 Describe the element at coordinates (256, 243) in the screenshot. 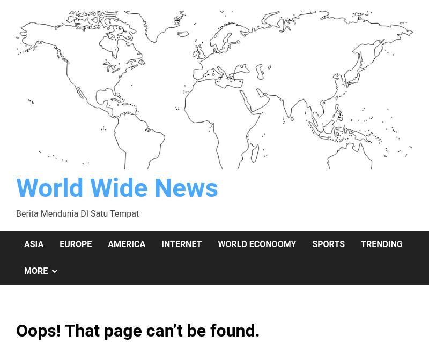

I see `'World Econoomy'` at that location.